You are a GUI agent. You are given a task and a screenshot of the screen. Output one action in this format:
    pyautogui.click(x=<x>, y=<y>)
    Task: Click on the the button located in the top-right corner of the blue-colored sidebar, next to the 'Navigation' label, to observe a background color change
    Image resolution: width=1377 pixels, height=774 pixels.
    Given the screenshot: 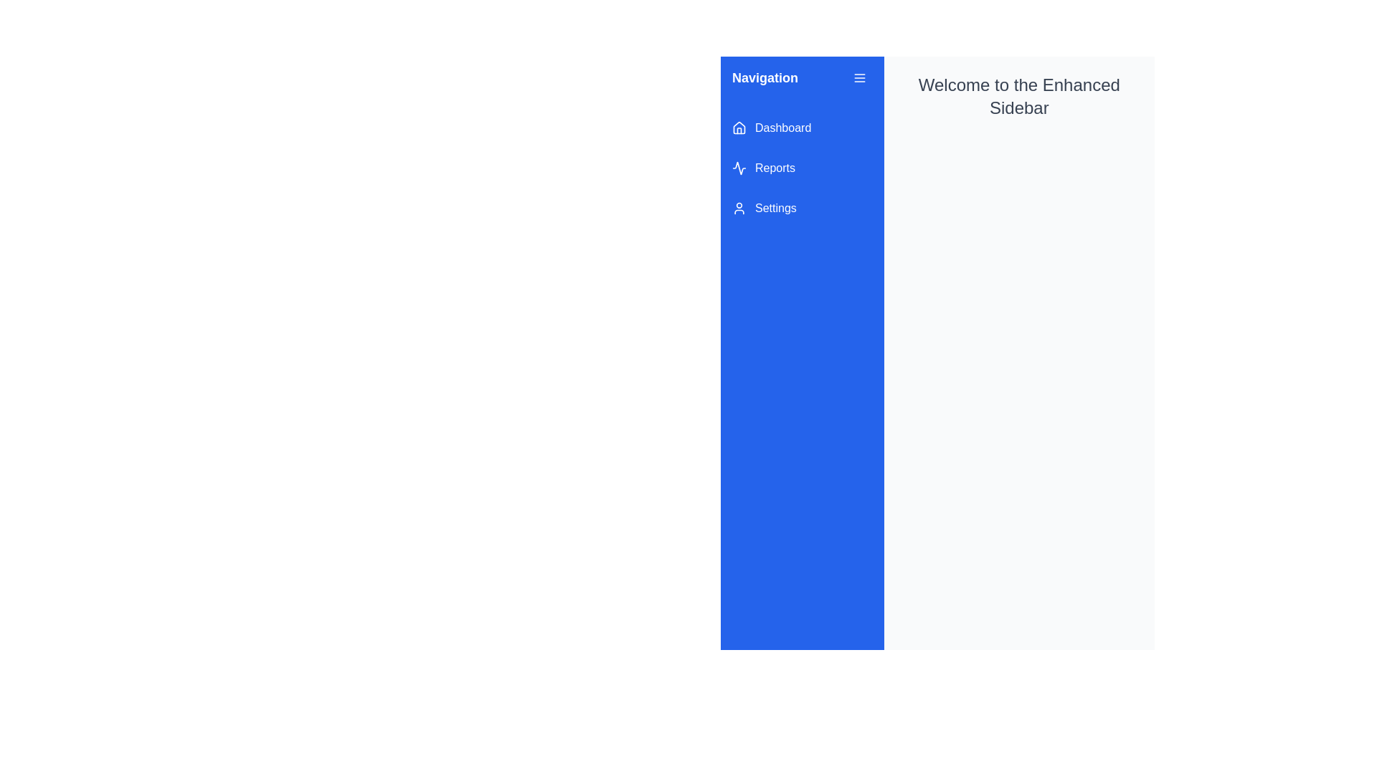 What is the action you would take?
    pyautogui.click(x=859, y=77)
    